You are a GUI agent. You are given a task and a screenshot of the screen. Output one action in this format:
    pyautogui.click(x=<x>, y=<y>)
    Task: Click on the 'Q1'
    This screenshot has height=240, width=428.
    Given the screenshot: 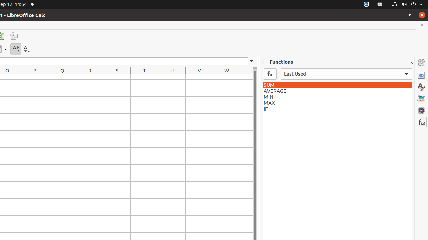 What is the action you would take?
    pyautogui.click(x=62, y=76)
    